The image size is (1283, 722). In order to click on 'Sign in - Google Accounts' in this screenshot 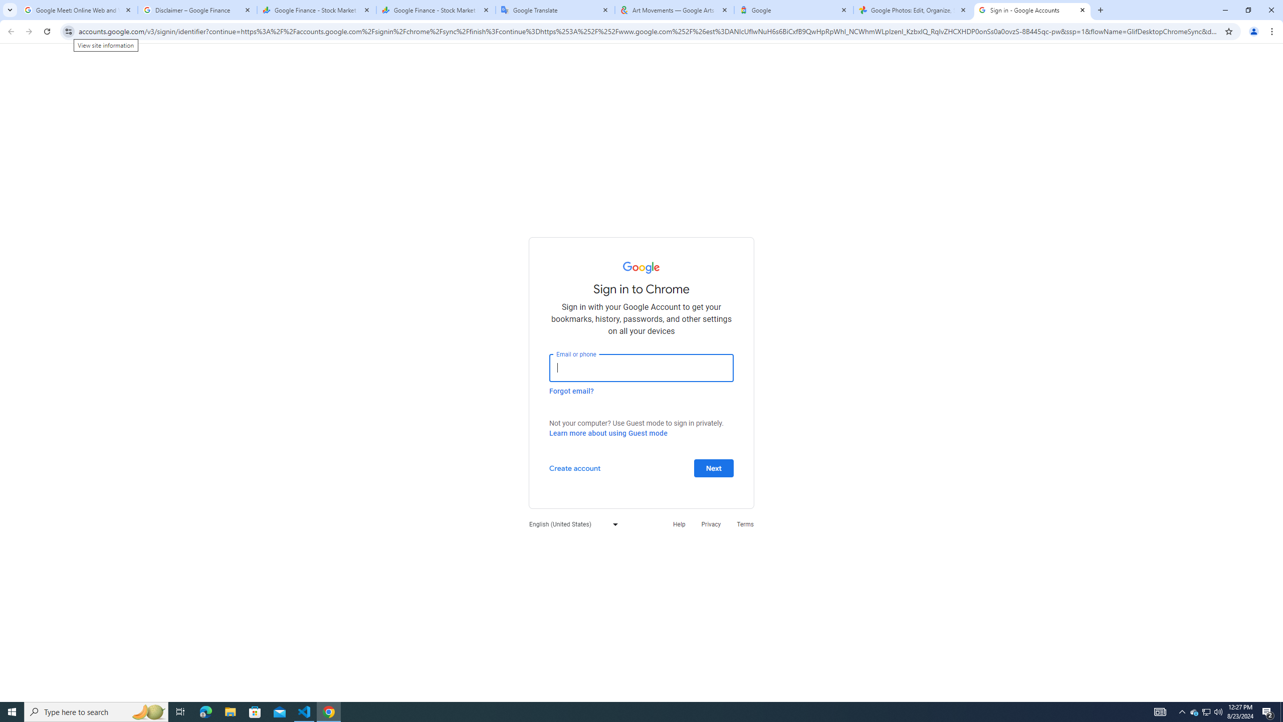, I will do `click(1032, 10)`.